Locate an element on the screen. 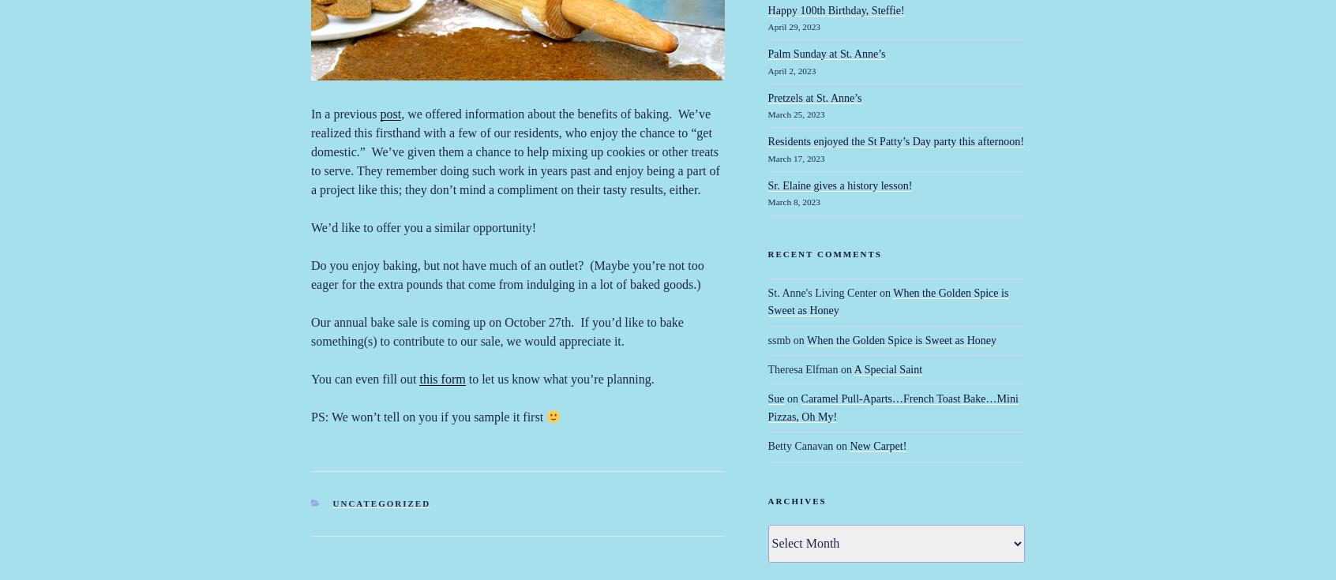 Image resolution: width=1336 pixels, height=580 pixels. ', we offered information about the benefits of baking.  We’ve realized this firsthand with a few of our residents, who enjoy the chance to “get domestic.”  We’ve given them a chance to help mixing up cookies or other treats to serve. They remember doing such work in years past and enjoy being a part of a project like this; they don’t mind a compliment on their tasty results, either.' is located at coordinates (515, 152).